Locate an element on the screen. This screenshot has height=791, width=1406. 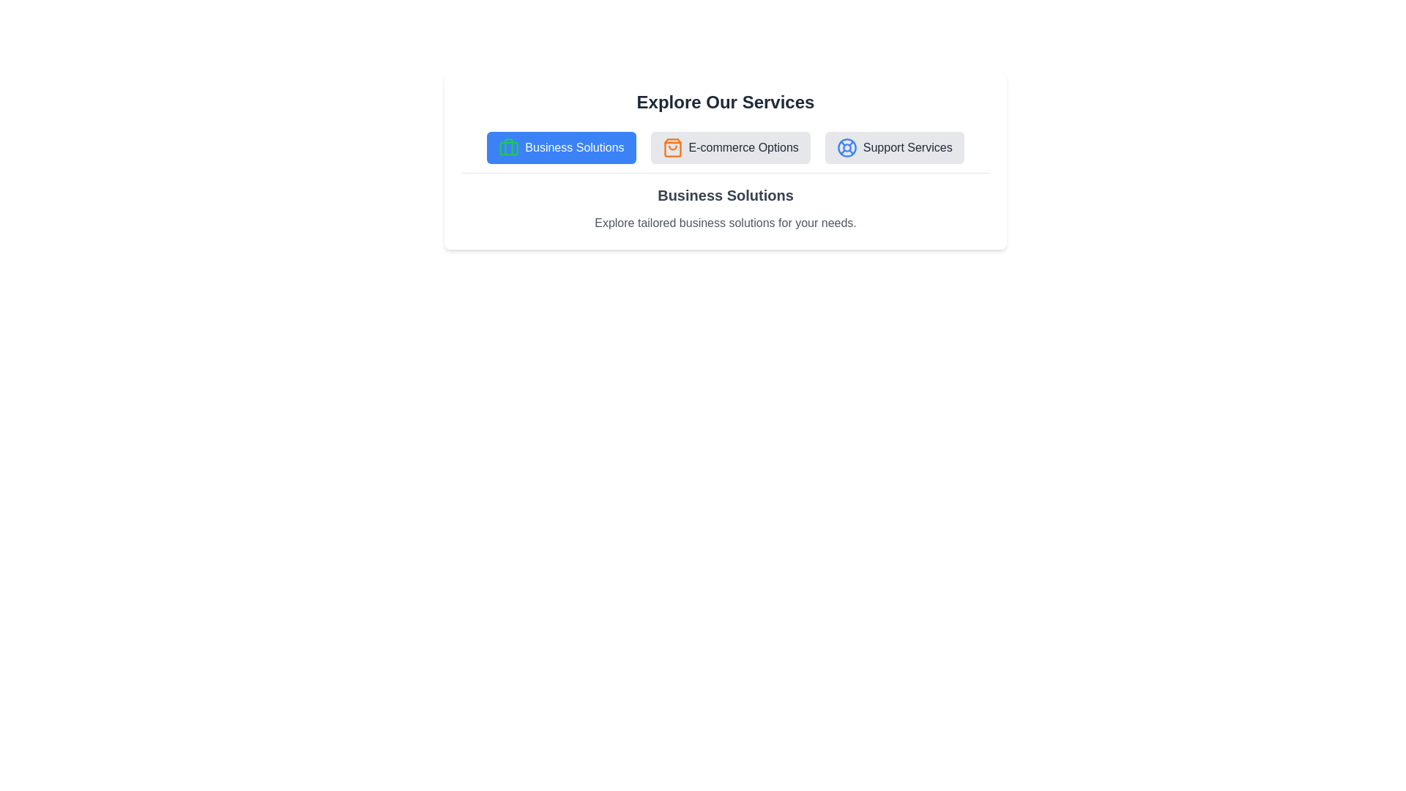
the icon associated with the tab E-commerce Options is located at coordinates (672, 147).